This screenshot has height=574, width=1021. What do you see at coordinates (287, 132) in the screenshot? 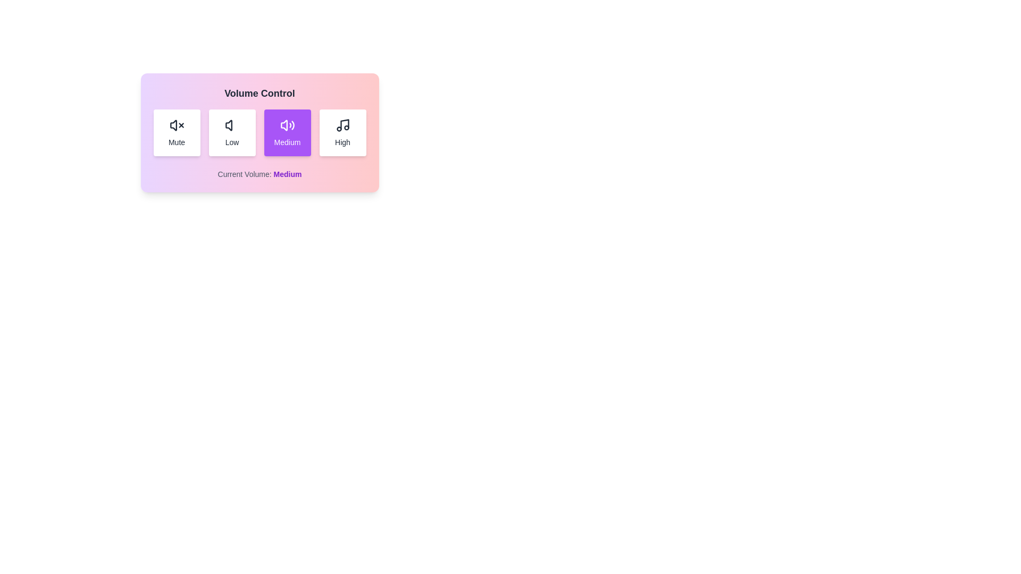
I see `the volume button corresponding to Medium` at bounding box center [287, 132].